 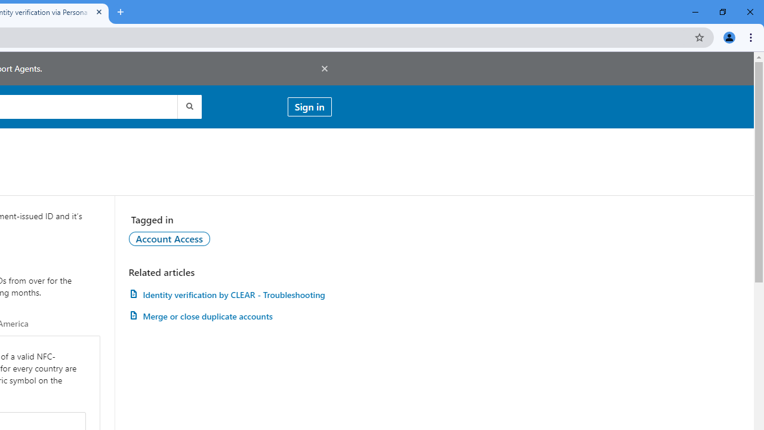 I want to click on 'Account Access', so click(x=168, y=238).